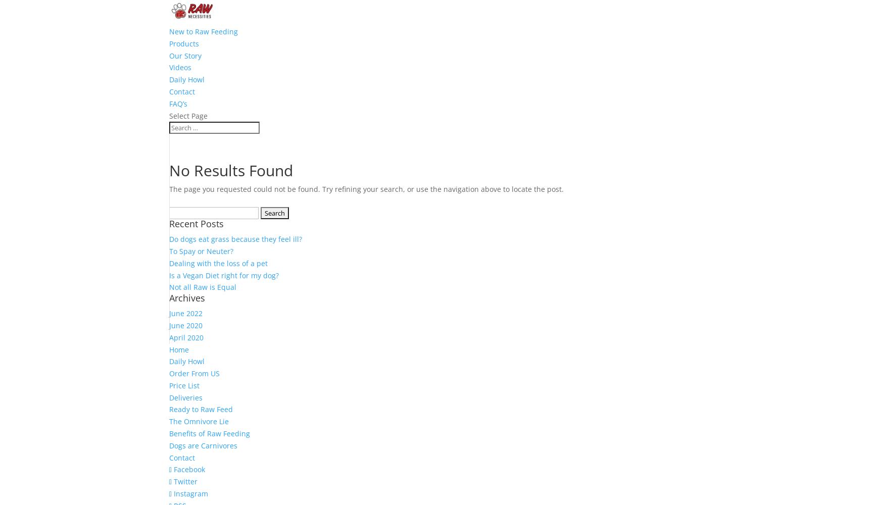  Describe the element at coordinates (194, 373) in the screenshot. I see `'Order From US'` at that location.